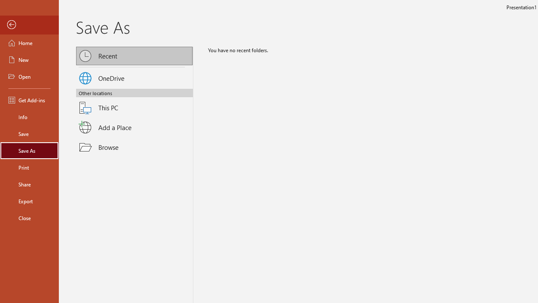  I want to click on 'Recent', so click(134, 56).